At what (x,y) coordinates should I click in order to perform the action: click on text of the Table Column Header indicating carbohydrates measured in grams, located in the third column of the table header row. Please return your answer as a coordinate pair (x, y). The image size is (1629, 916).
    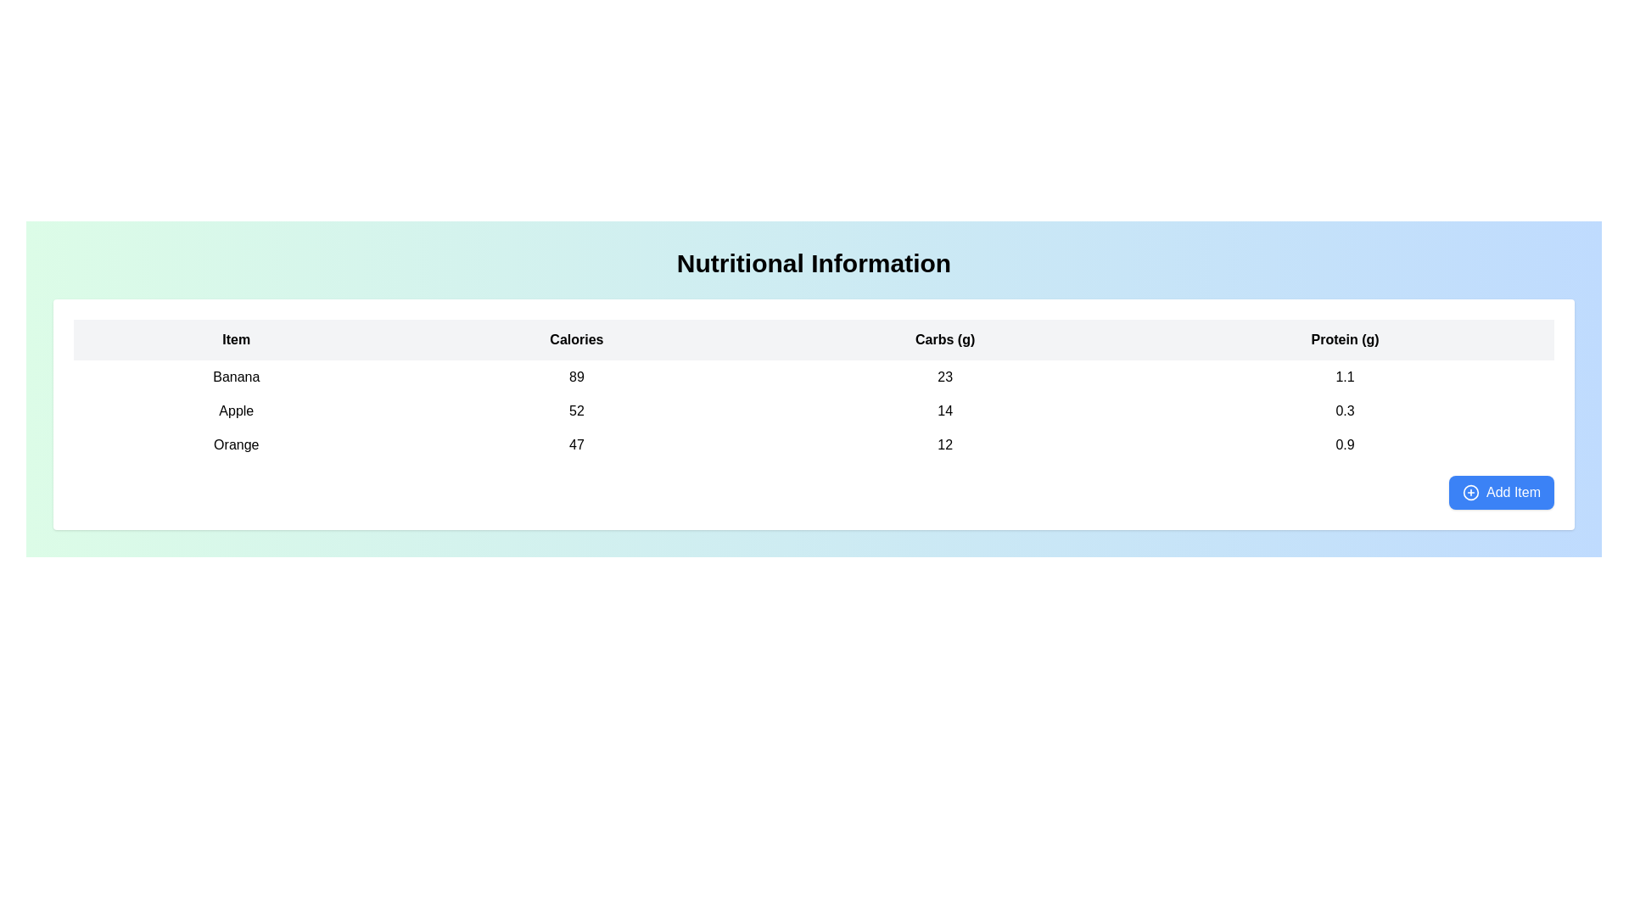
    Looking at the image, I should click on (944, 340).